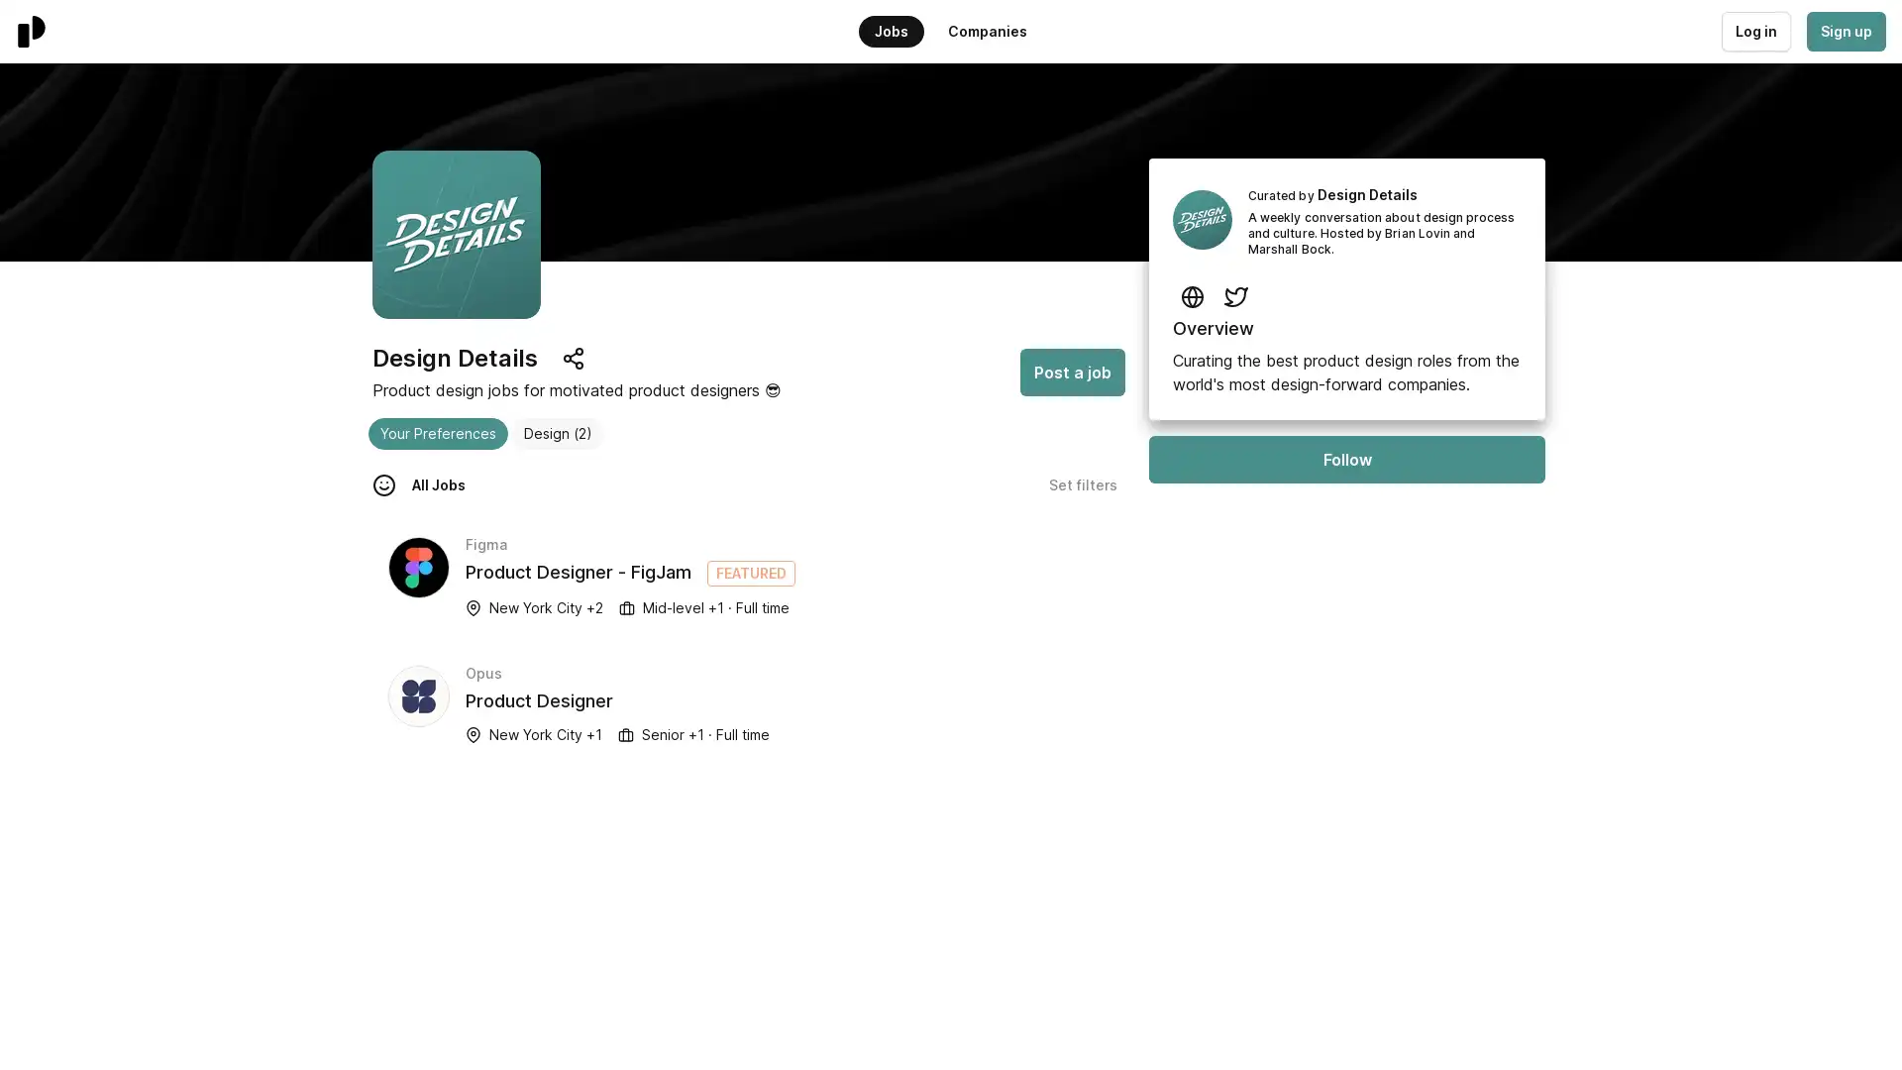  What do you see at coordinates (1072, 372) in the screenshot?
I see `Post a job` at bounding box center [1072, 372].